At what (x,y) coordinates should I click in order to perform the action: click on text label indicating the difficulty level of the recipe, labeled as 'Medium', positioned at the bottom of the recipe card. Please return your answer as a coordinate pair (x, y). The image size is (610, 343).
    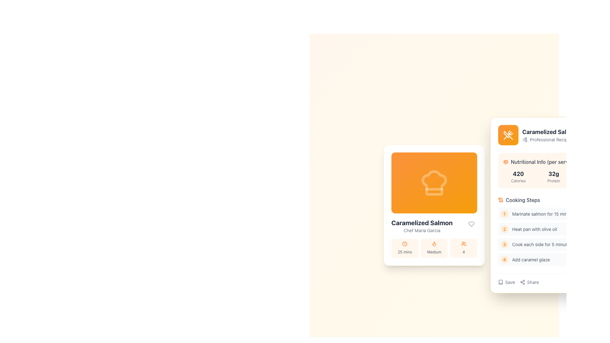
    Looking at the image, I should click on (434, 252).